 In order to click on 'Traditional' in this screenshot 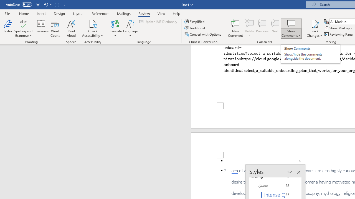, I will do `click(195, 28)`.